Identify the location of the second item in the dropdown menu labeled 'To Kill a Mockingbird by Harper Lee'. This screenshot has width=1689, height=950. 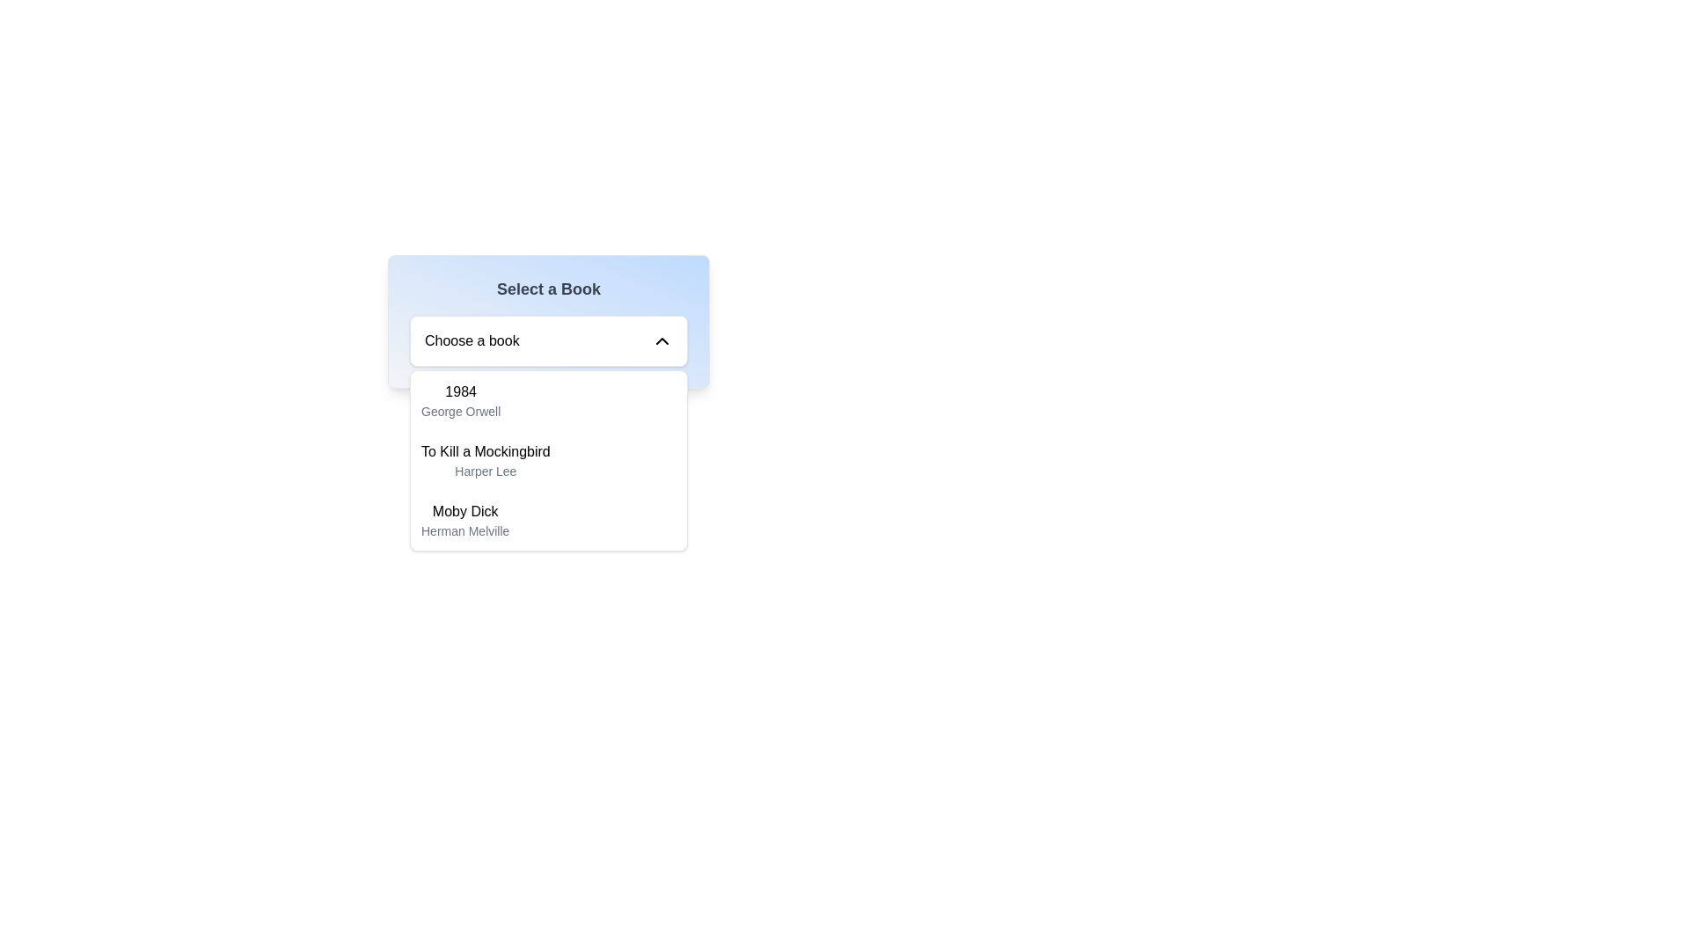
(548, 460).